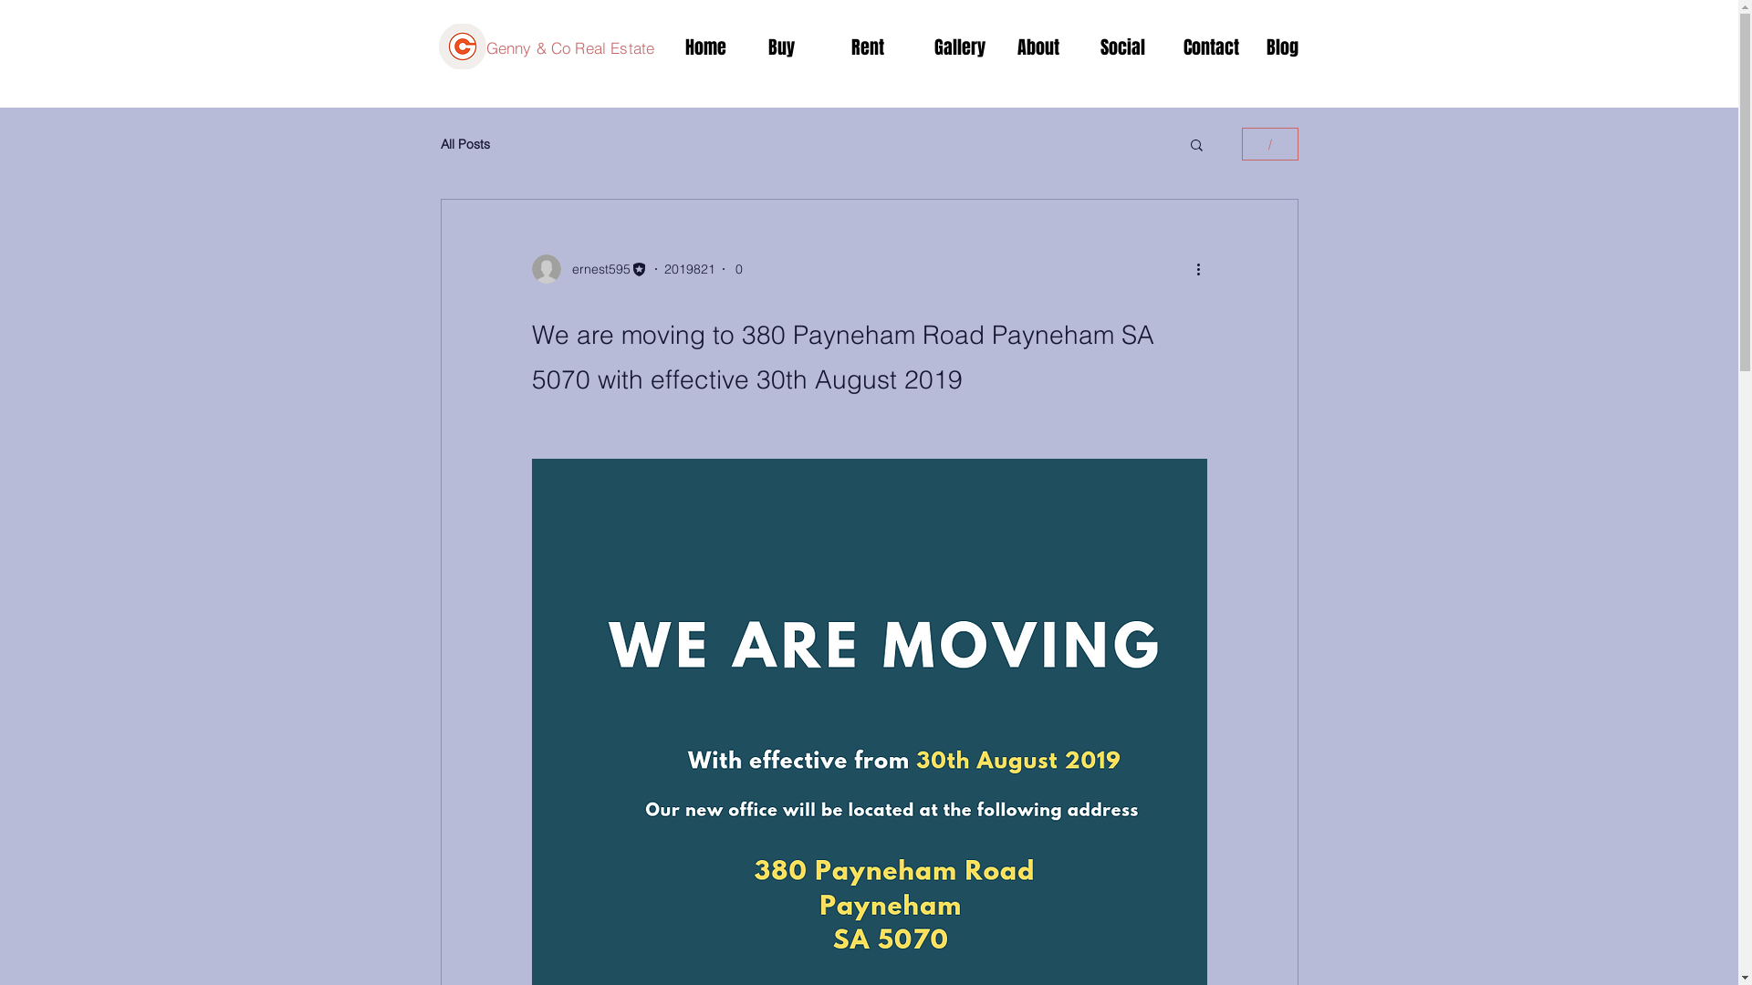 The width and height of the screenshot is (1752, 985). I want to click on 'Buy', so click(795, 46).